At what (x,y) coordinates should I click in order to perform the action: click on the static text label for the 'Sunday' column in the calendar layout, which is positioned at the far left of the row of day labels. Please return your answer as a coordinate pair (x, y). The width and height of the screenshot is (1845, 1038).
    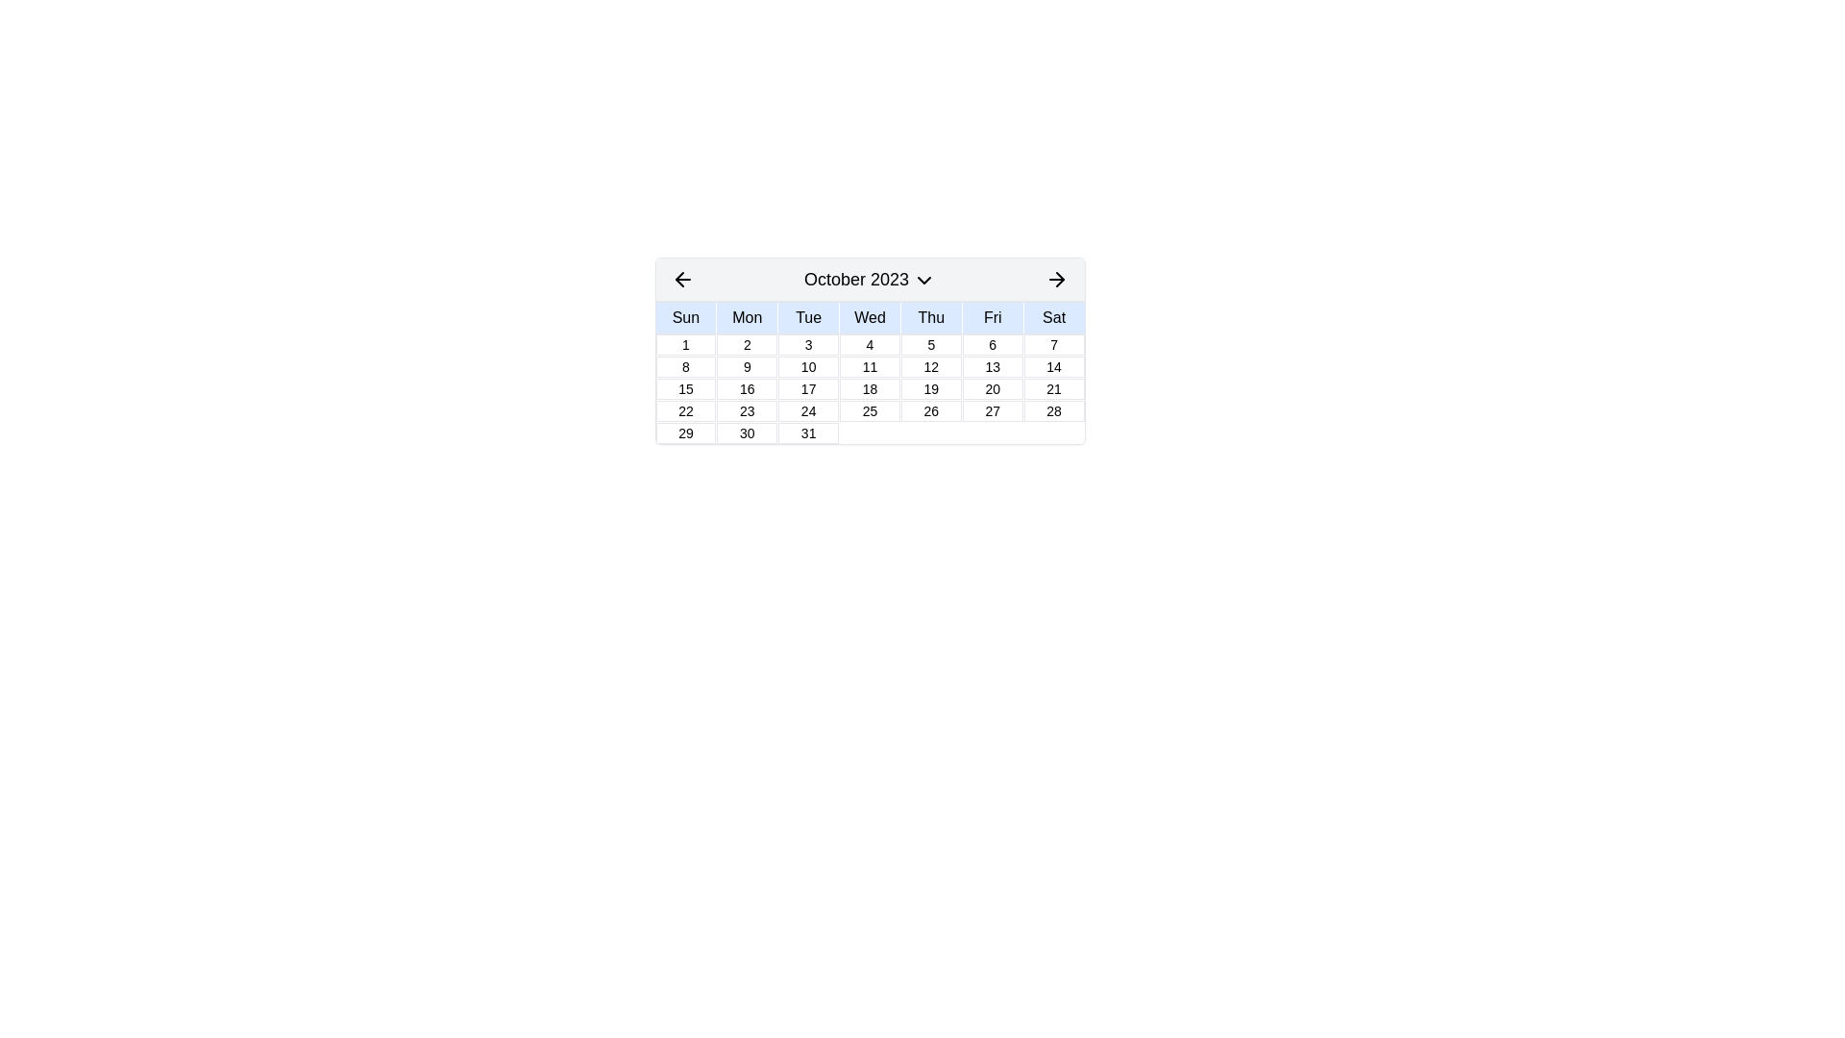
    Looking at the image, I should click on (685, 317).